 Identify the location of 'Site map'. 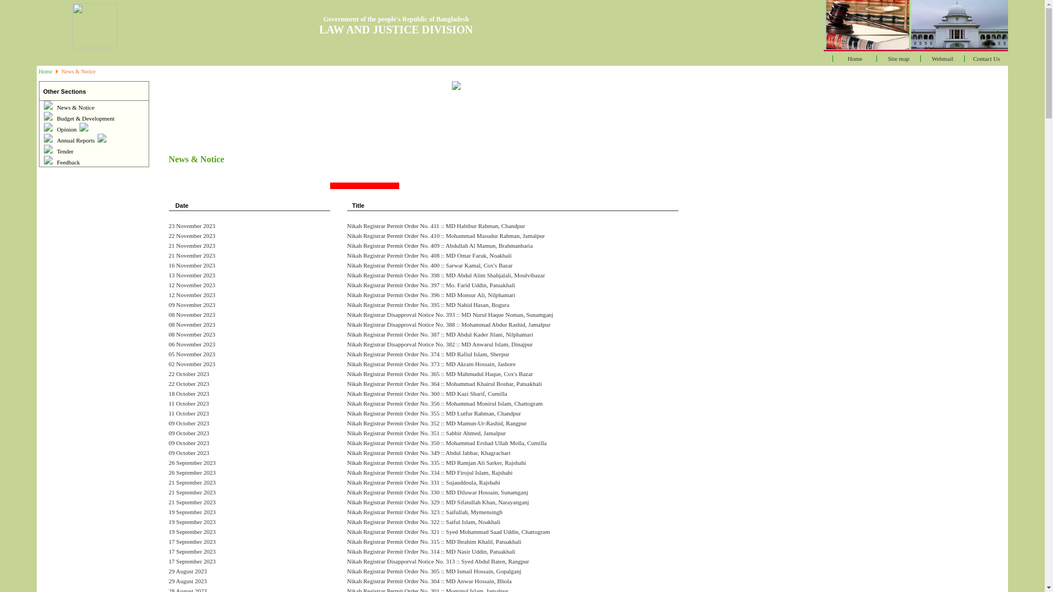
(898, 59).